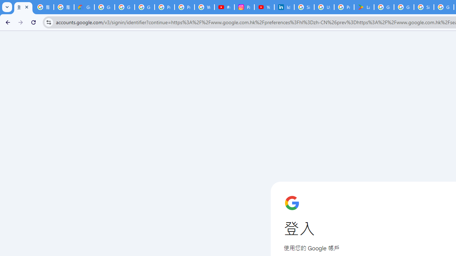  I want to click on 'Sign in - Google Accounts', so click(424, 7).